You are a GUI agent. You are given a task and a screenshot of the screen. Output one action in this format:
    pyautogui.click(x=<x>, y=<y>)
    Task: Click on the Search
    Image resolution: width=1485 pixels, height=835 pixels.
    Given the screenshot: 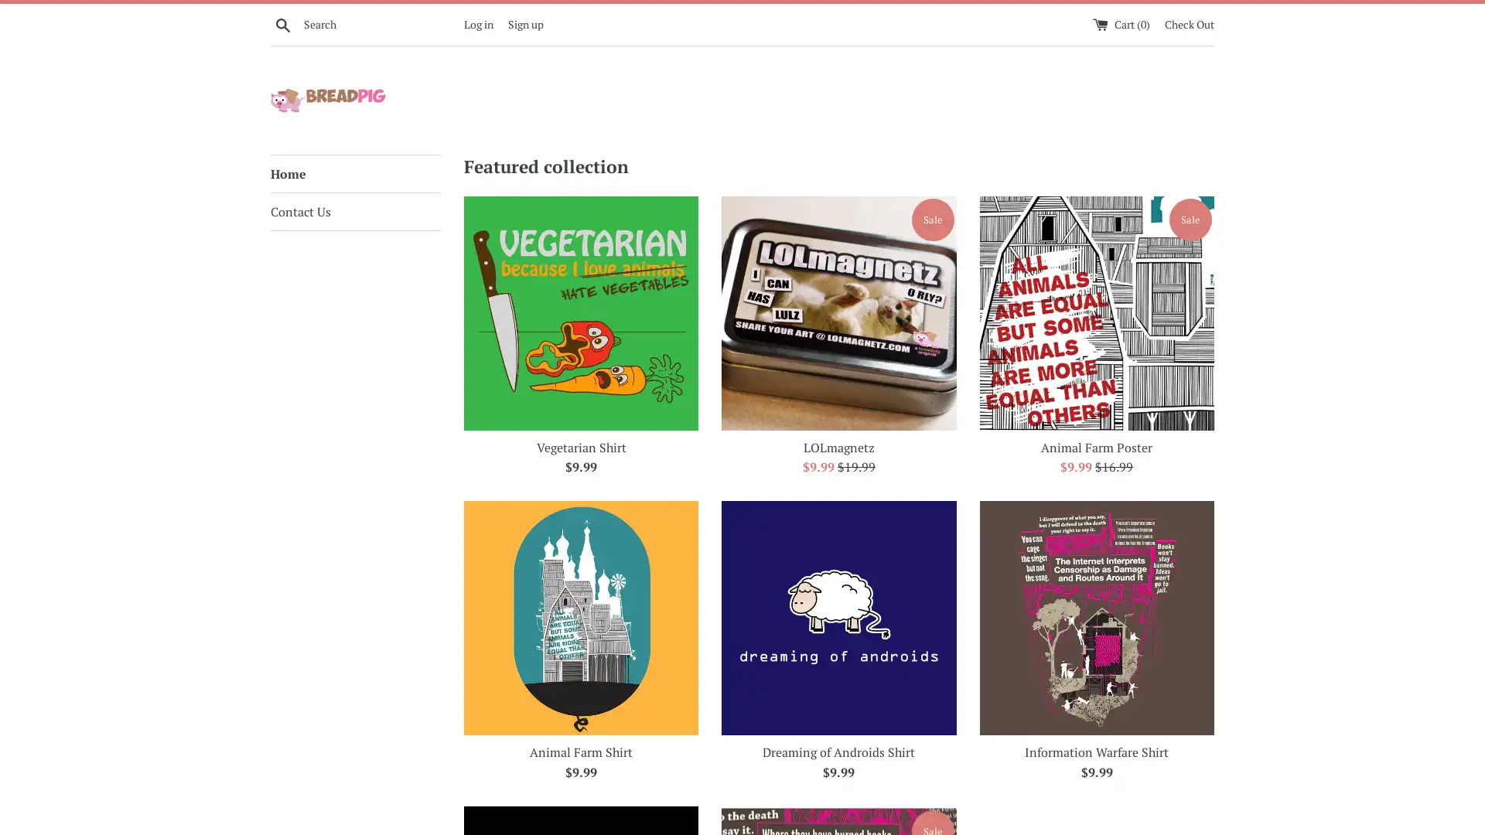 What is the action you would take?
    pyautogui.click(x=282, y=23)
    